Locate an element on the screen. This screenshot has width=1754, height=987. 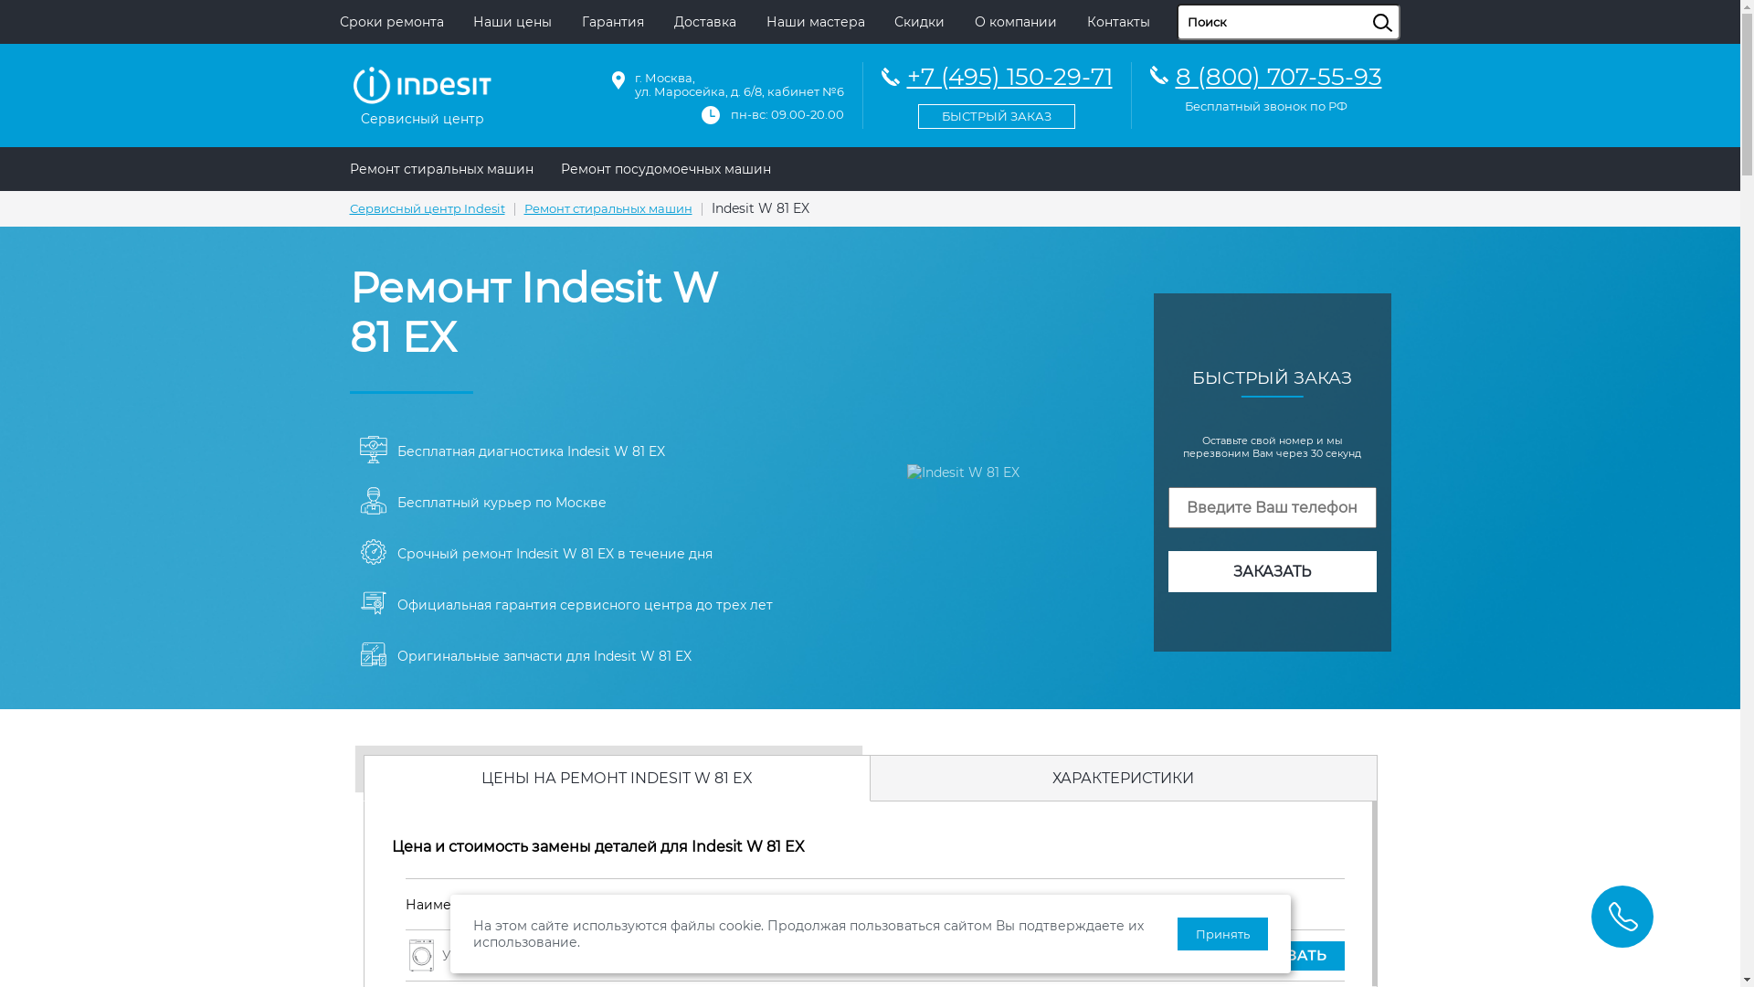
'+7 (495) 150-29-71' is located at coordinates (995, 92).